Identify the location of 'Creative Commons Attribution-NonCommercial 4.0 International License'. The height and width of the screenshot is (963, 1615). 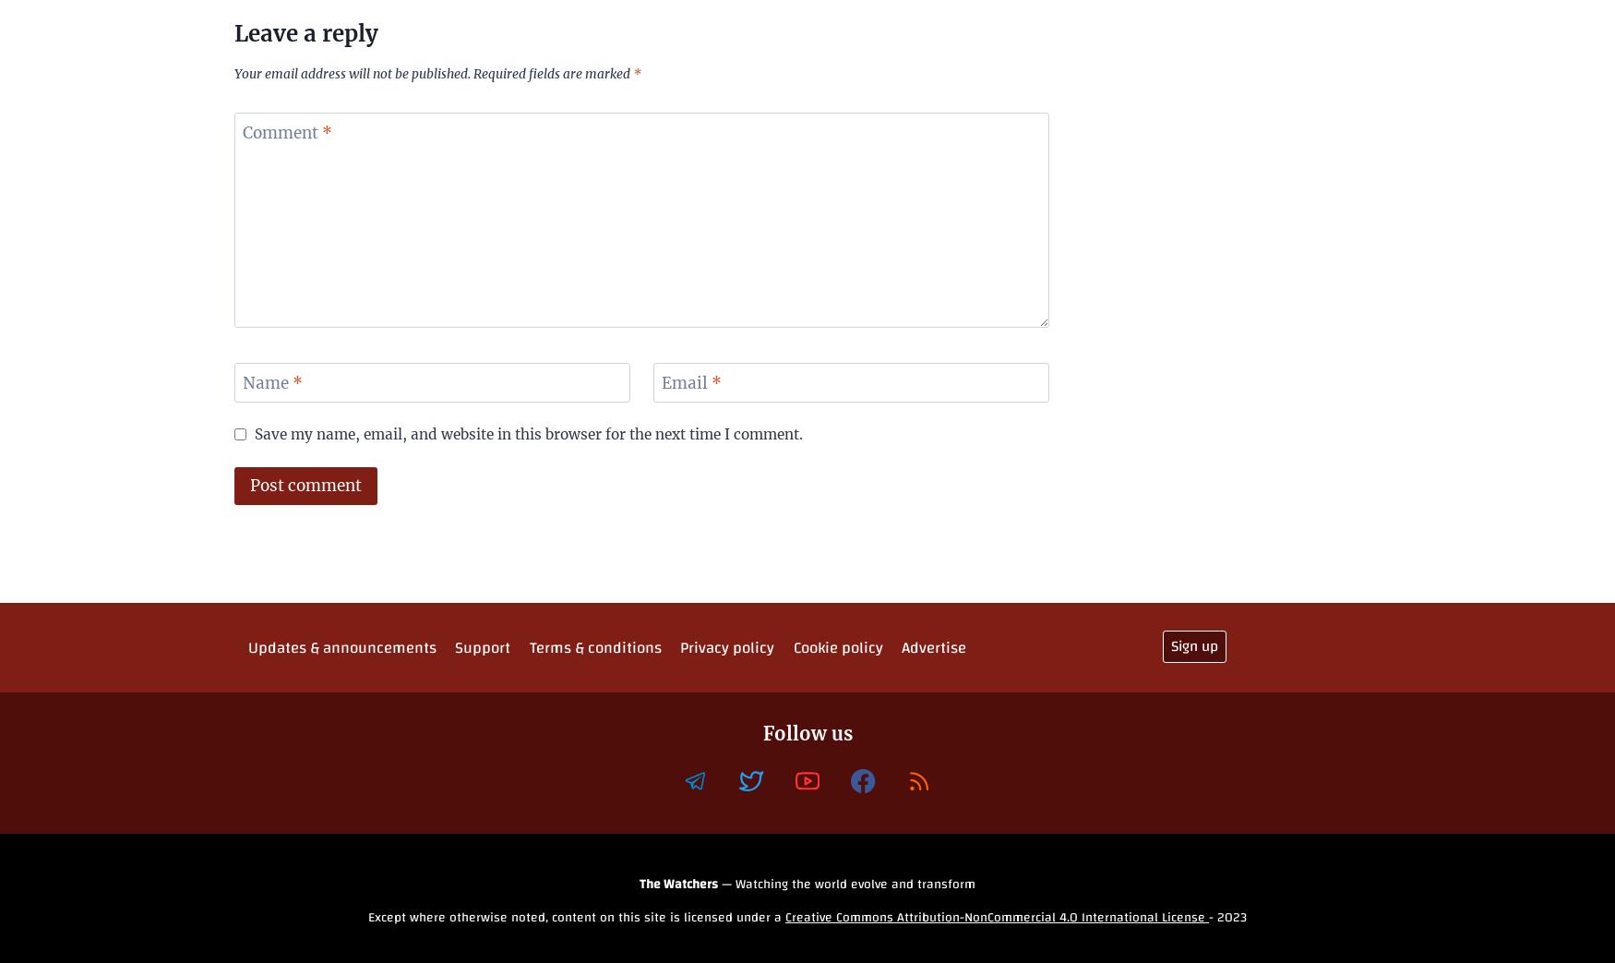
(997, 917).